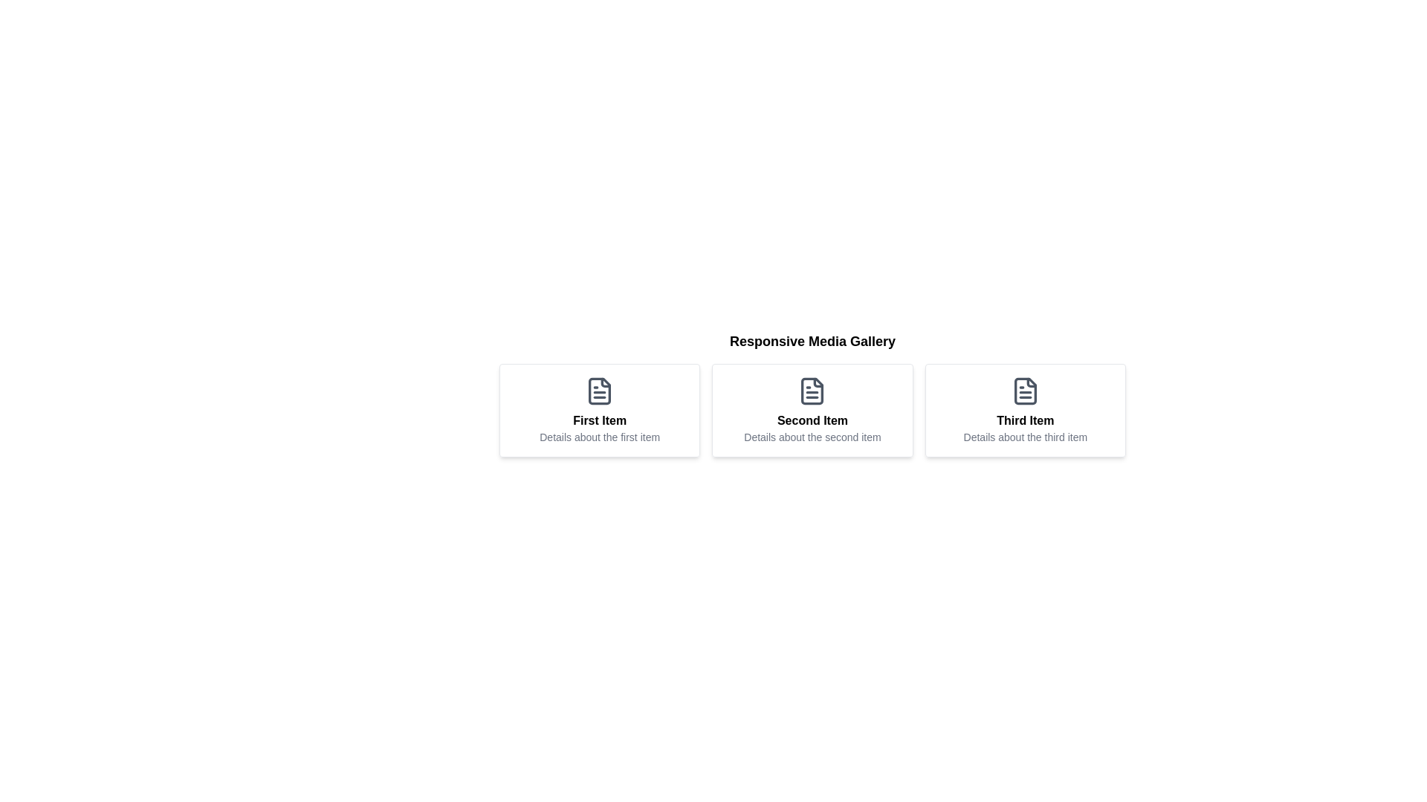 This screenshot has width=1427, height=802. I want to click on the rightmost card in the Responsive Media Gallery, which is labeled 'Third Item' and contains a file-like icon at the top, so click(1024, 410).